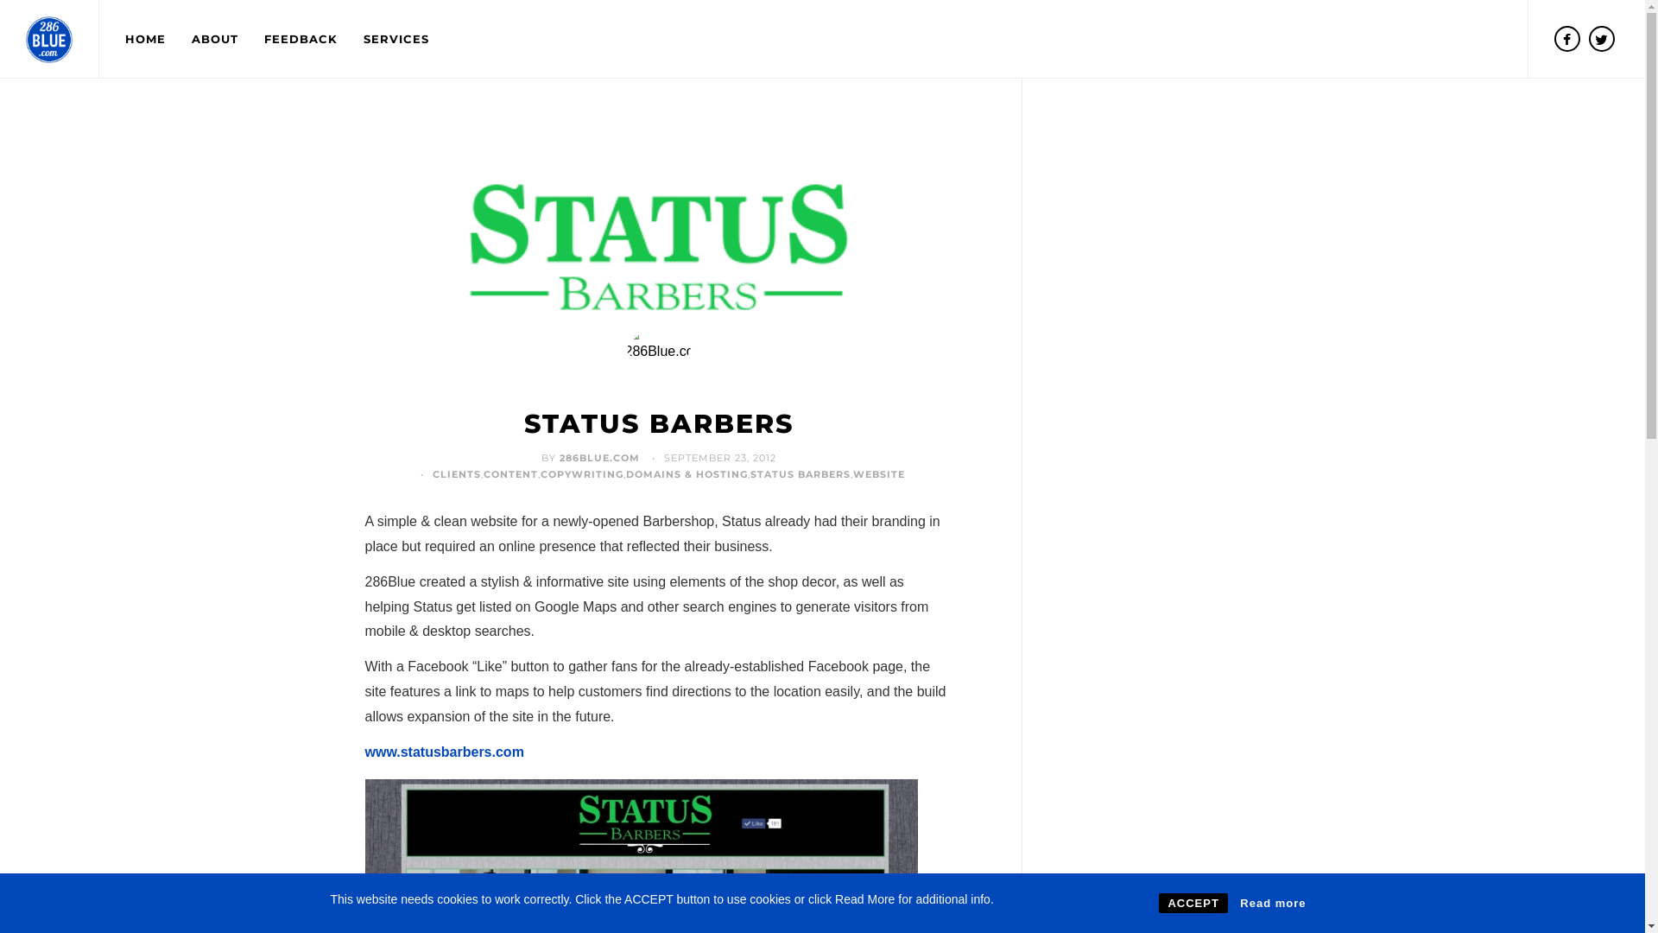 This screenshot has width=1658, height=933. I want to click on 'CLIENTS', so click(432, 473).